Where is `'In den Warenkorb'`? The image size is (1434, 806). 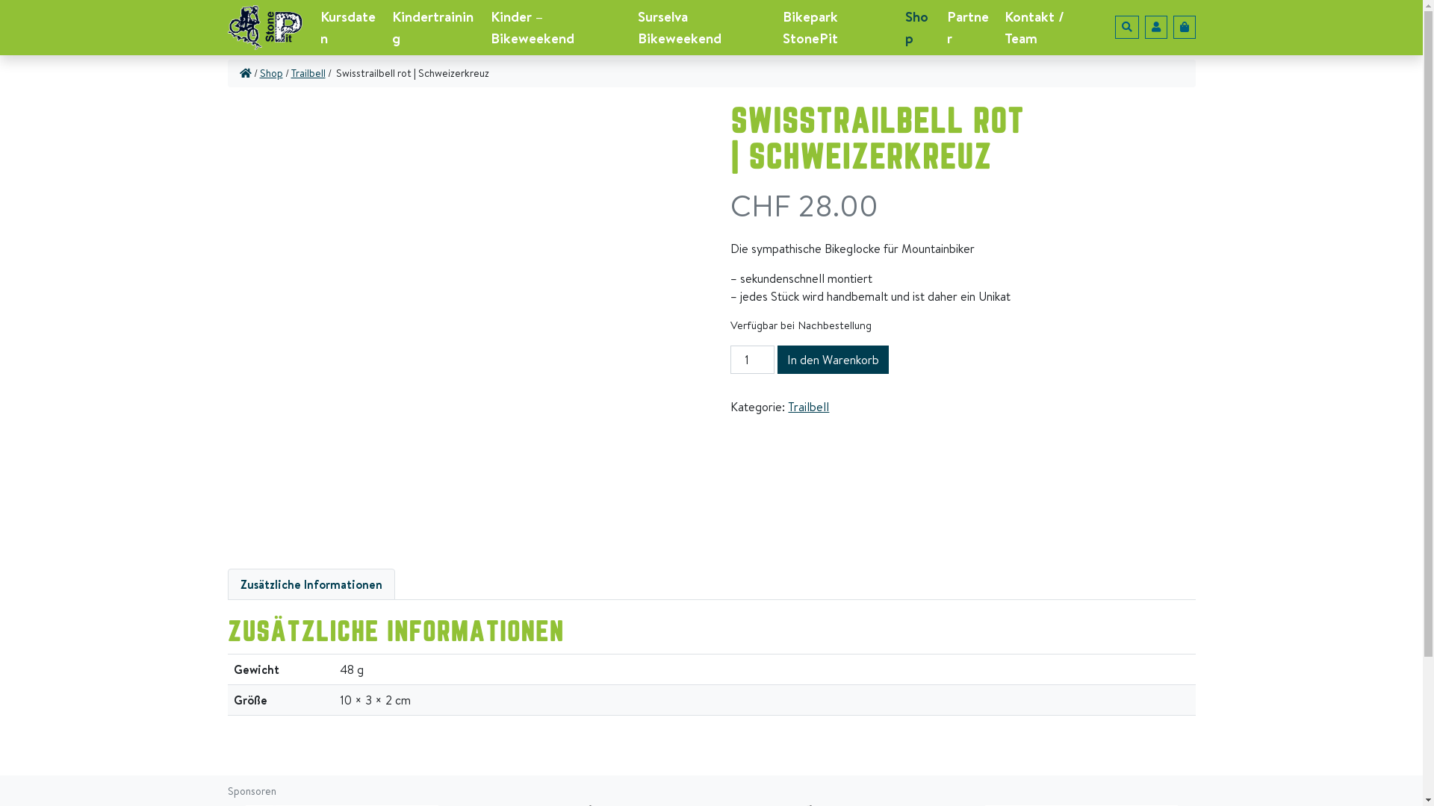
'In den Warenkorb' is located at coordinates (832, 360).